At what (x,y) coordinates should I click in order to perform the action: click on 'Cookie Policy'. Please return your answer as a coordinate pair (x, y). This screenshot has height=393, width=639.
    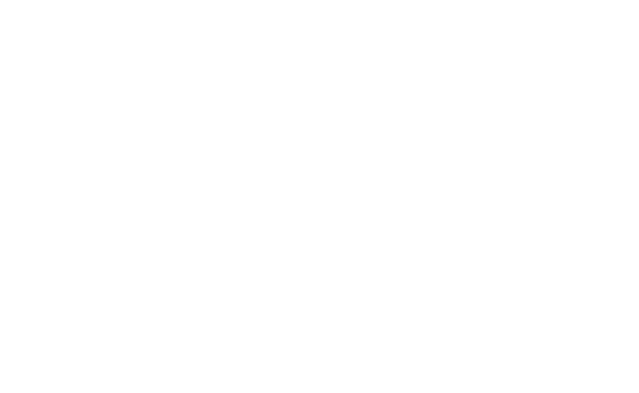
    Looking at the image, I should click on (309, 375).